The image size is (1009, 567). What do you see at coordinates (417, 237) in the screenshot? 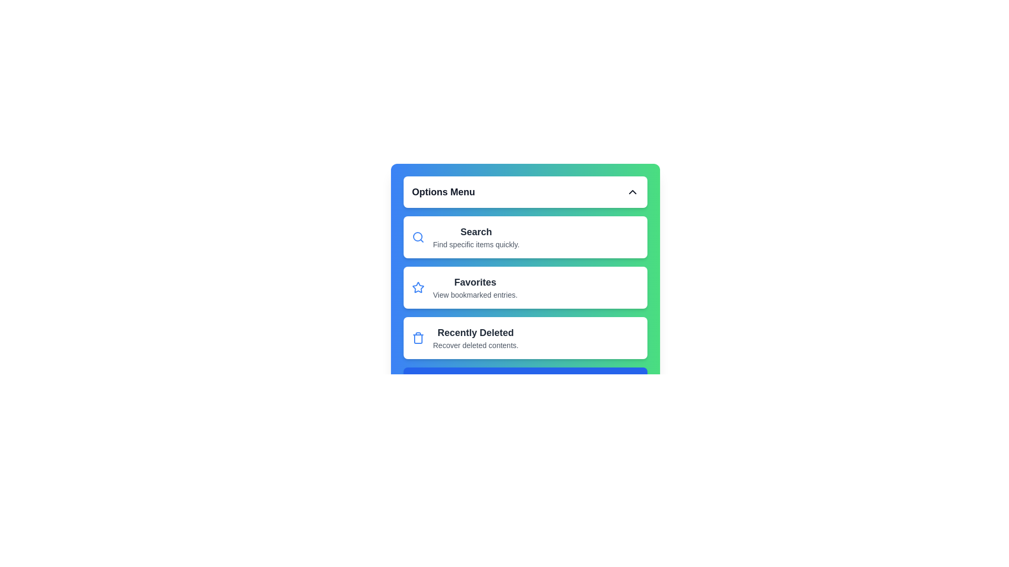
I see `the Decorative SVG shape (circle) which represents the central part of the magnifying glass icon, part of the 'Search' option in the menu` at bounding box center [417, 237].